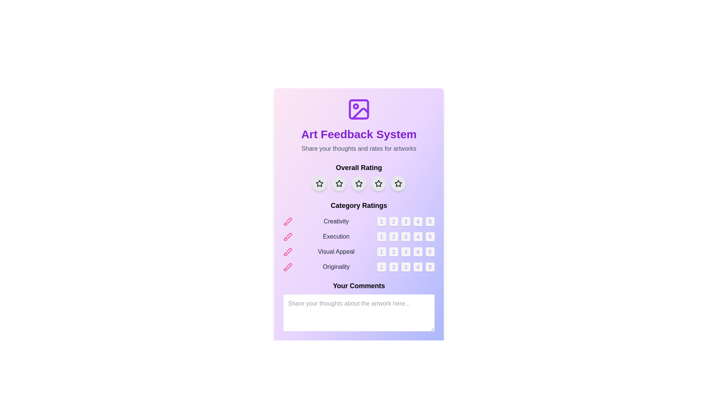 The image size is (727, 409). Describe the element at coordinates (359, 176) in the screenshot. I see `a star icon within the header-label group of the rating system to assign a rating for the item` at that location.